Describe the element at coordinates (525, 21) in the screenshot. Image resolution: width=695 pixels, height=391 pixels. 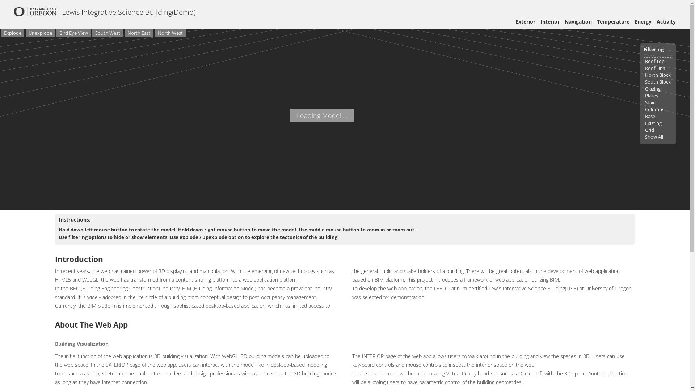
I see `'Exterior'` at that location.